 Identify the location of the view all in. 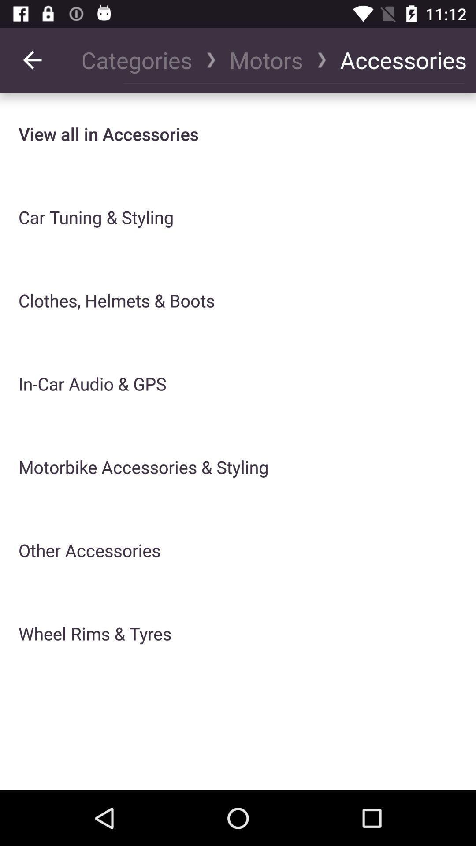
(108, 134).